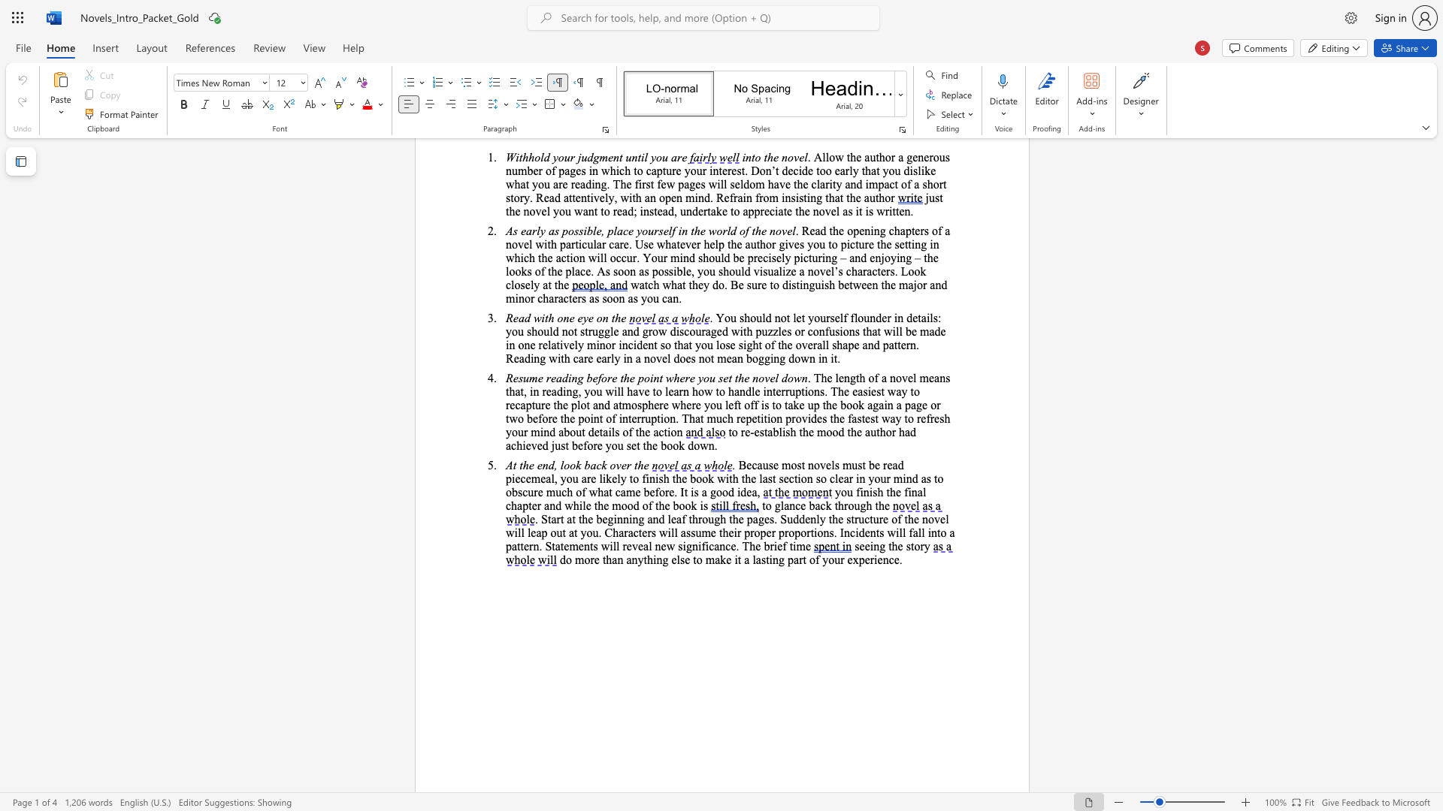 Image resolution: width=1443 pixels, height=811 pixels. Describe the element at coordinates (559, 464) in the screenshot. I see `the subset text "look back over th" within the text "At the end, look back over the"` at that location.